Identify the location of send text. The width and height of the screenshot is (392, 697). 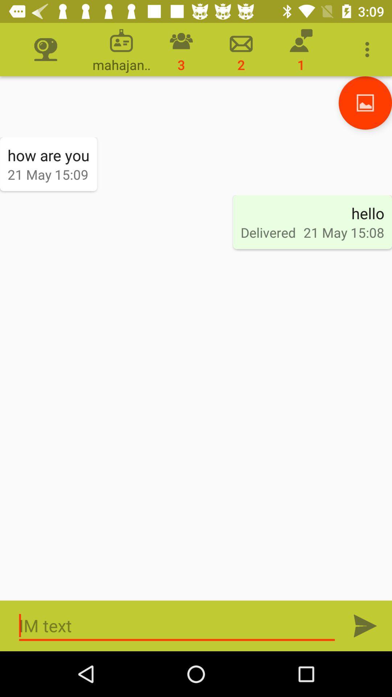
(365, 625).